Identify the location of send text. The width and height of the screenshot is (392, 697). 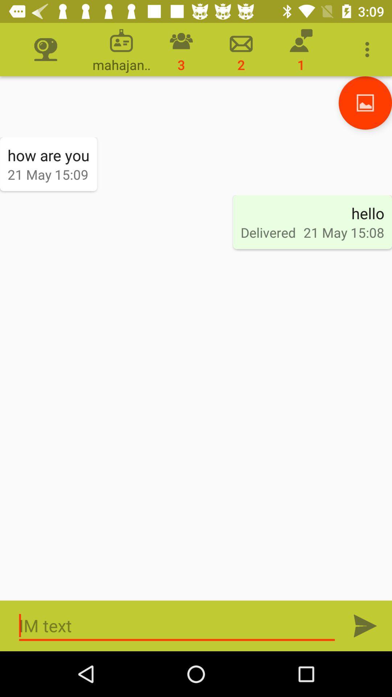
(365, 625).